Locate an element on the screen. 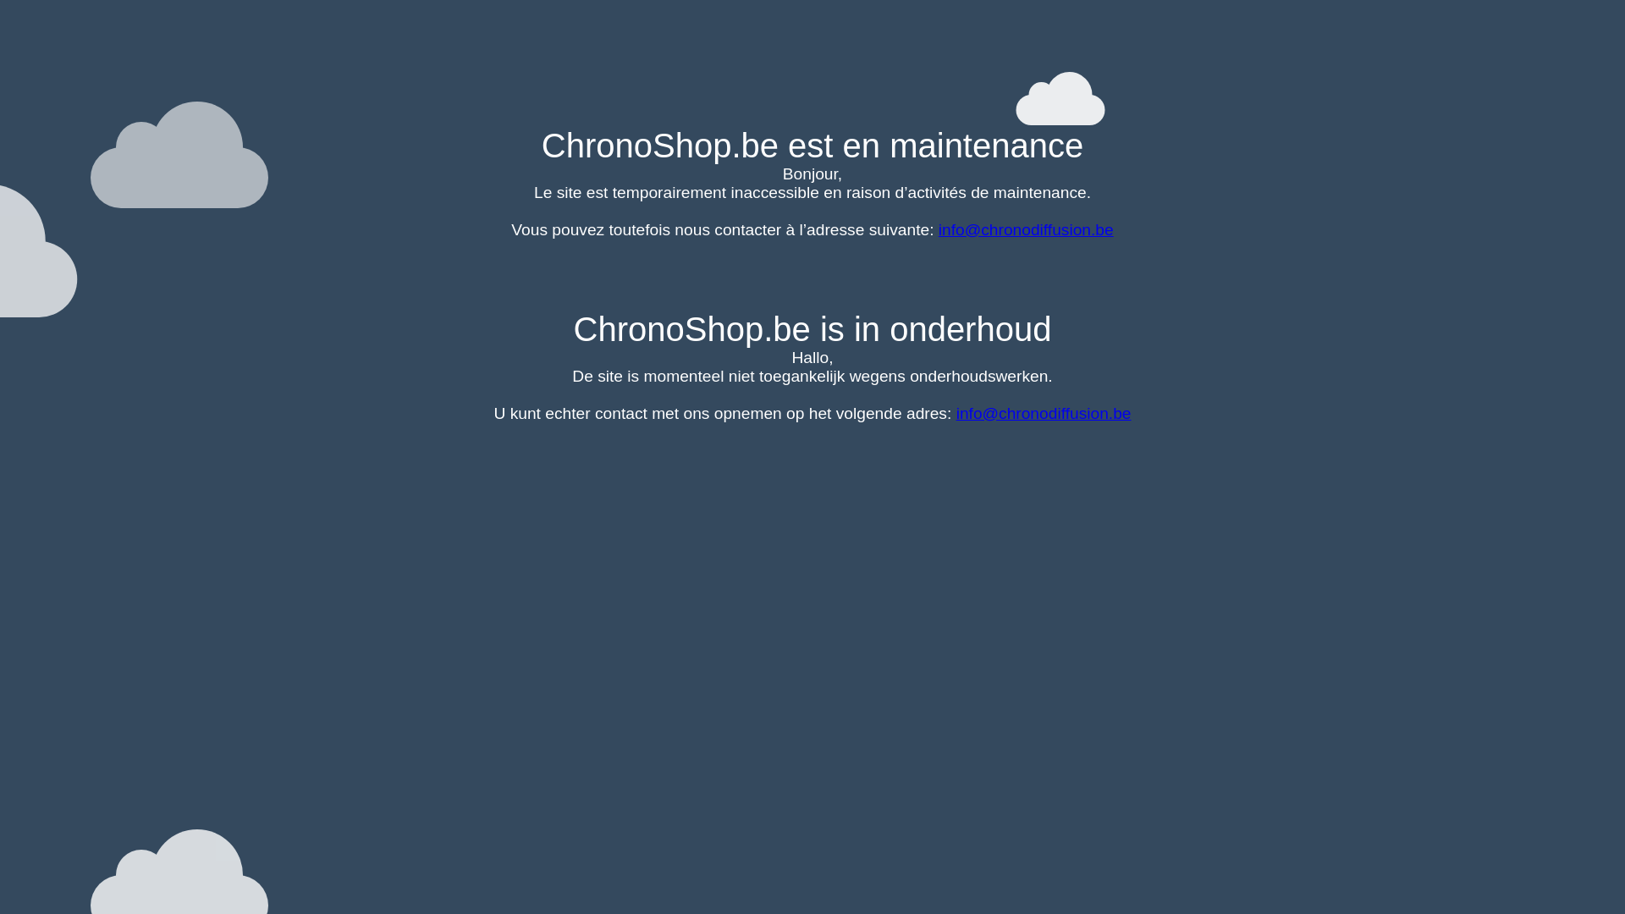  'info@chronodiffusion.be' is located at coordinates (1043, 413).